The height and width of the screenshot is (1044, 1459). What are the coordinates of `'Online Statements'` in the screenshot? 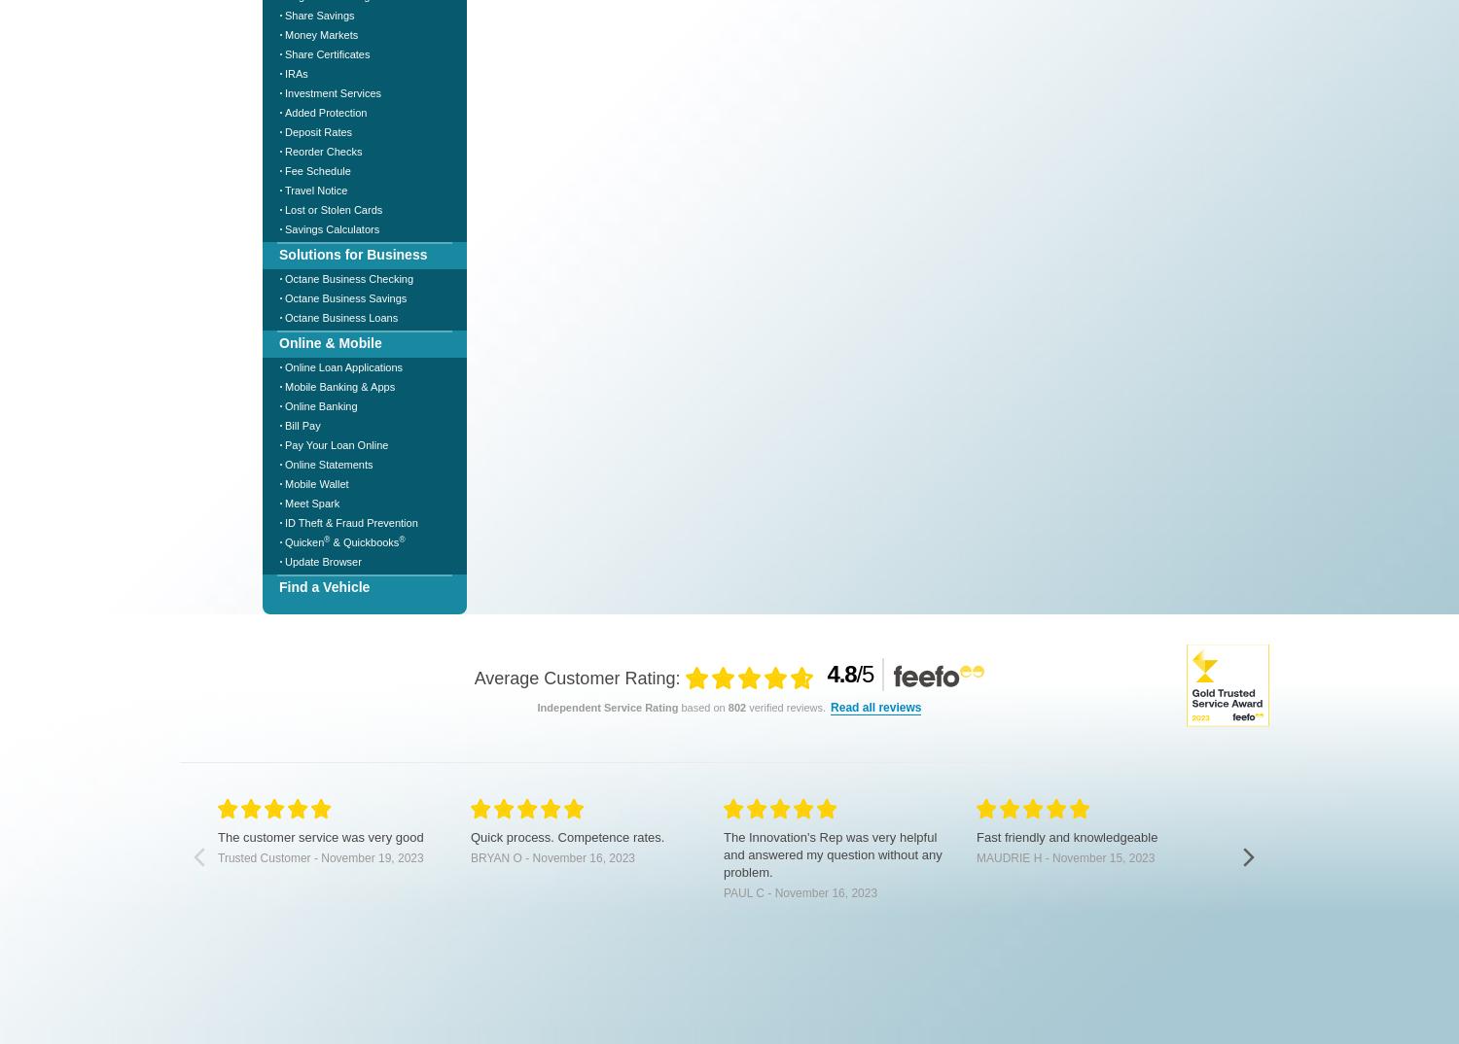 It's located at (327, 462).